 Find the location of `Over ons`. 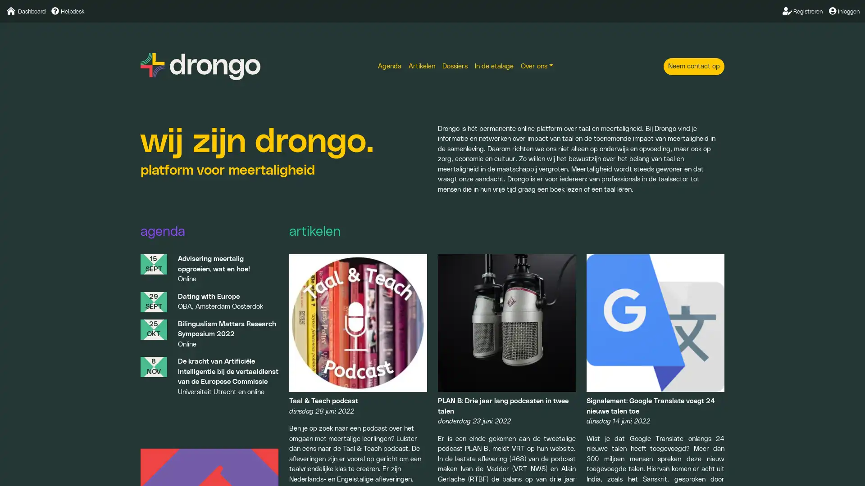

Over ons is located at coordinates (537, 66).